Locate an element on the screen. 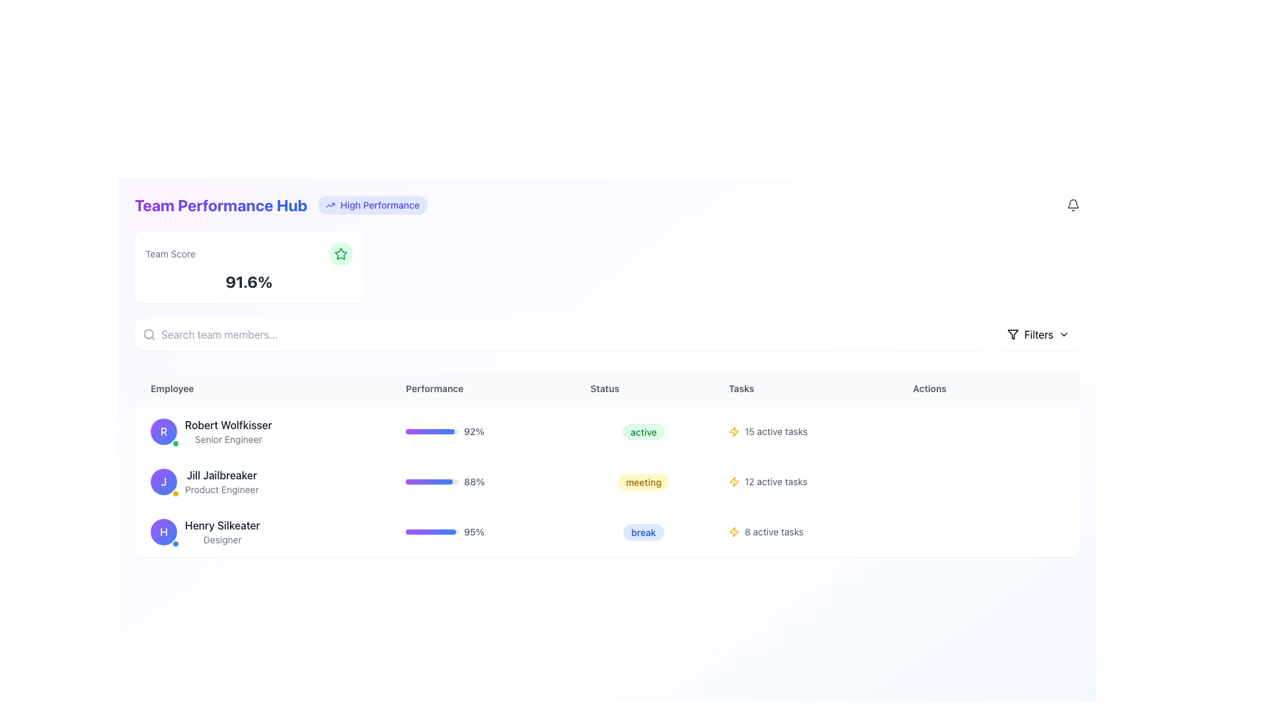 The width and height of the screenshot is (1269, 713). the Text label displaying the employee's name in the third row of the 'Employee' column is located at coordinates (222, 524).